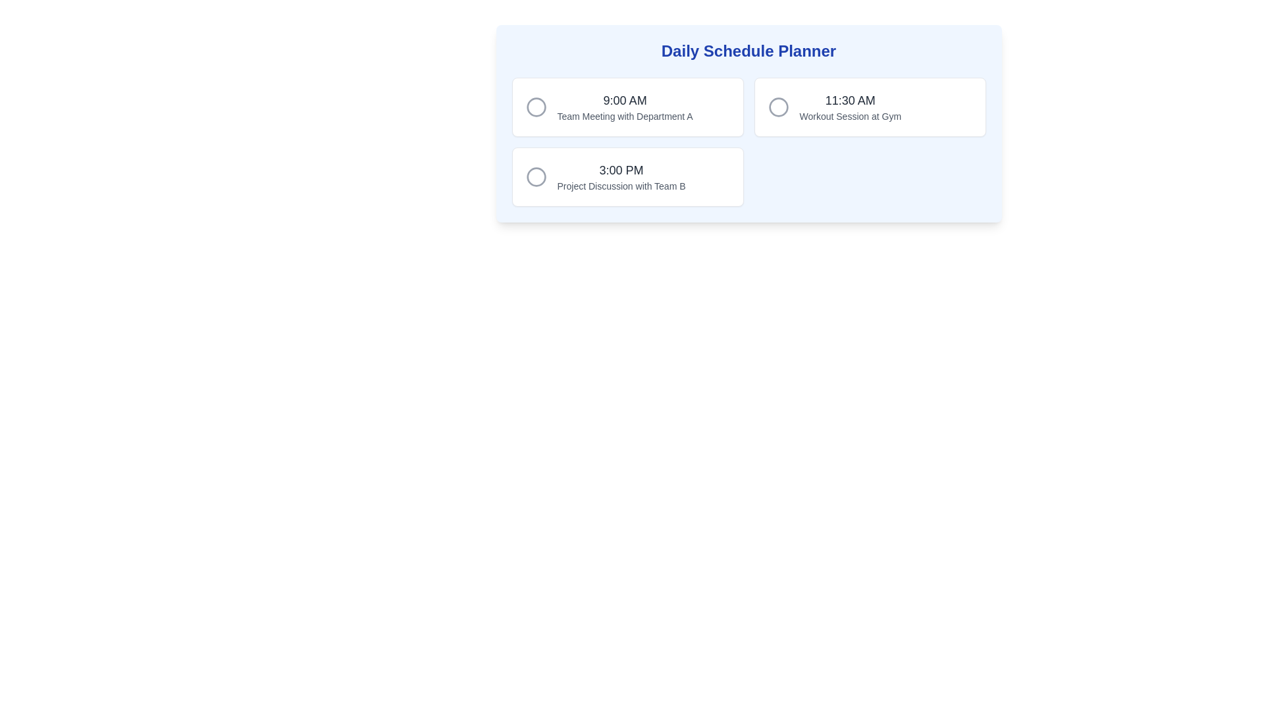  What do you see at coordinates (778, 106) in the screenshot?
I see `the SVG circle icon with a gray outline and empty interior located on the right side of the second row in the schedule pane` at bounding box center [778, 106].